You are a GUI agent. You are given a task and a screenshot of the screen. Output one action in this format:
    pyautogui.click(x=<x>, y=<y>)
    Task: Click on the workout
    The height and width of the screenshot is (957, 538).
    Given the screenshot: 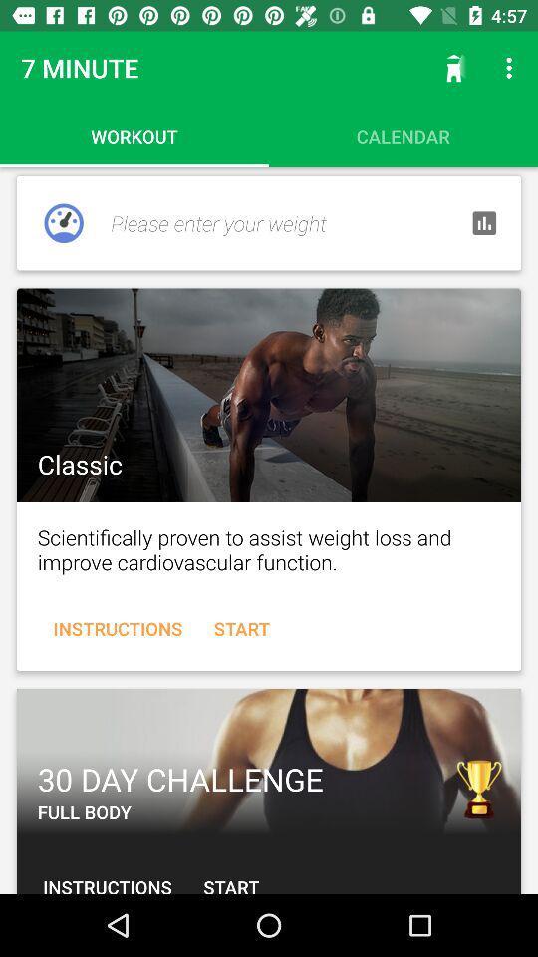 What is the action you would take?
    pyautogui.click(x=269, y=761)
    